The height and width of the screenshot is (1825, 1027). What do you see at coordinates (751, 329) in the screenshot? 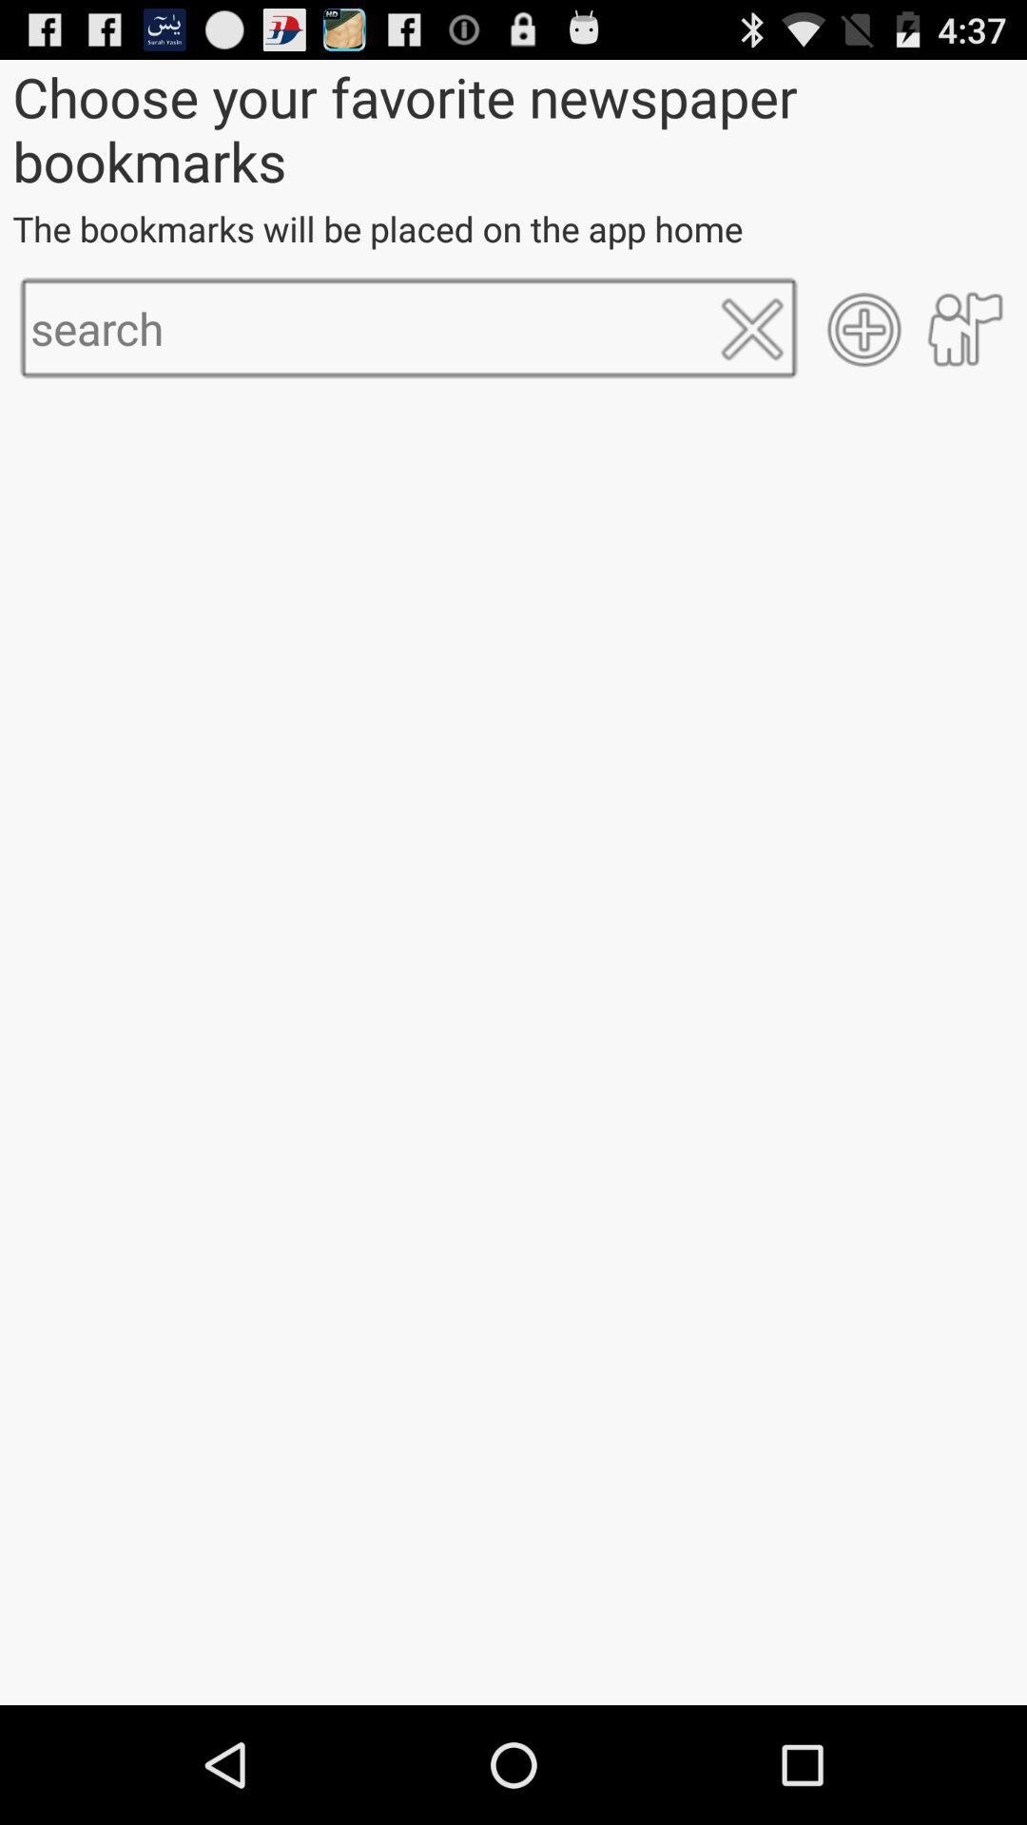
I see `icon below the the bookmarks will` at bounding box center [751, 329].